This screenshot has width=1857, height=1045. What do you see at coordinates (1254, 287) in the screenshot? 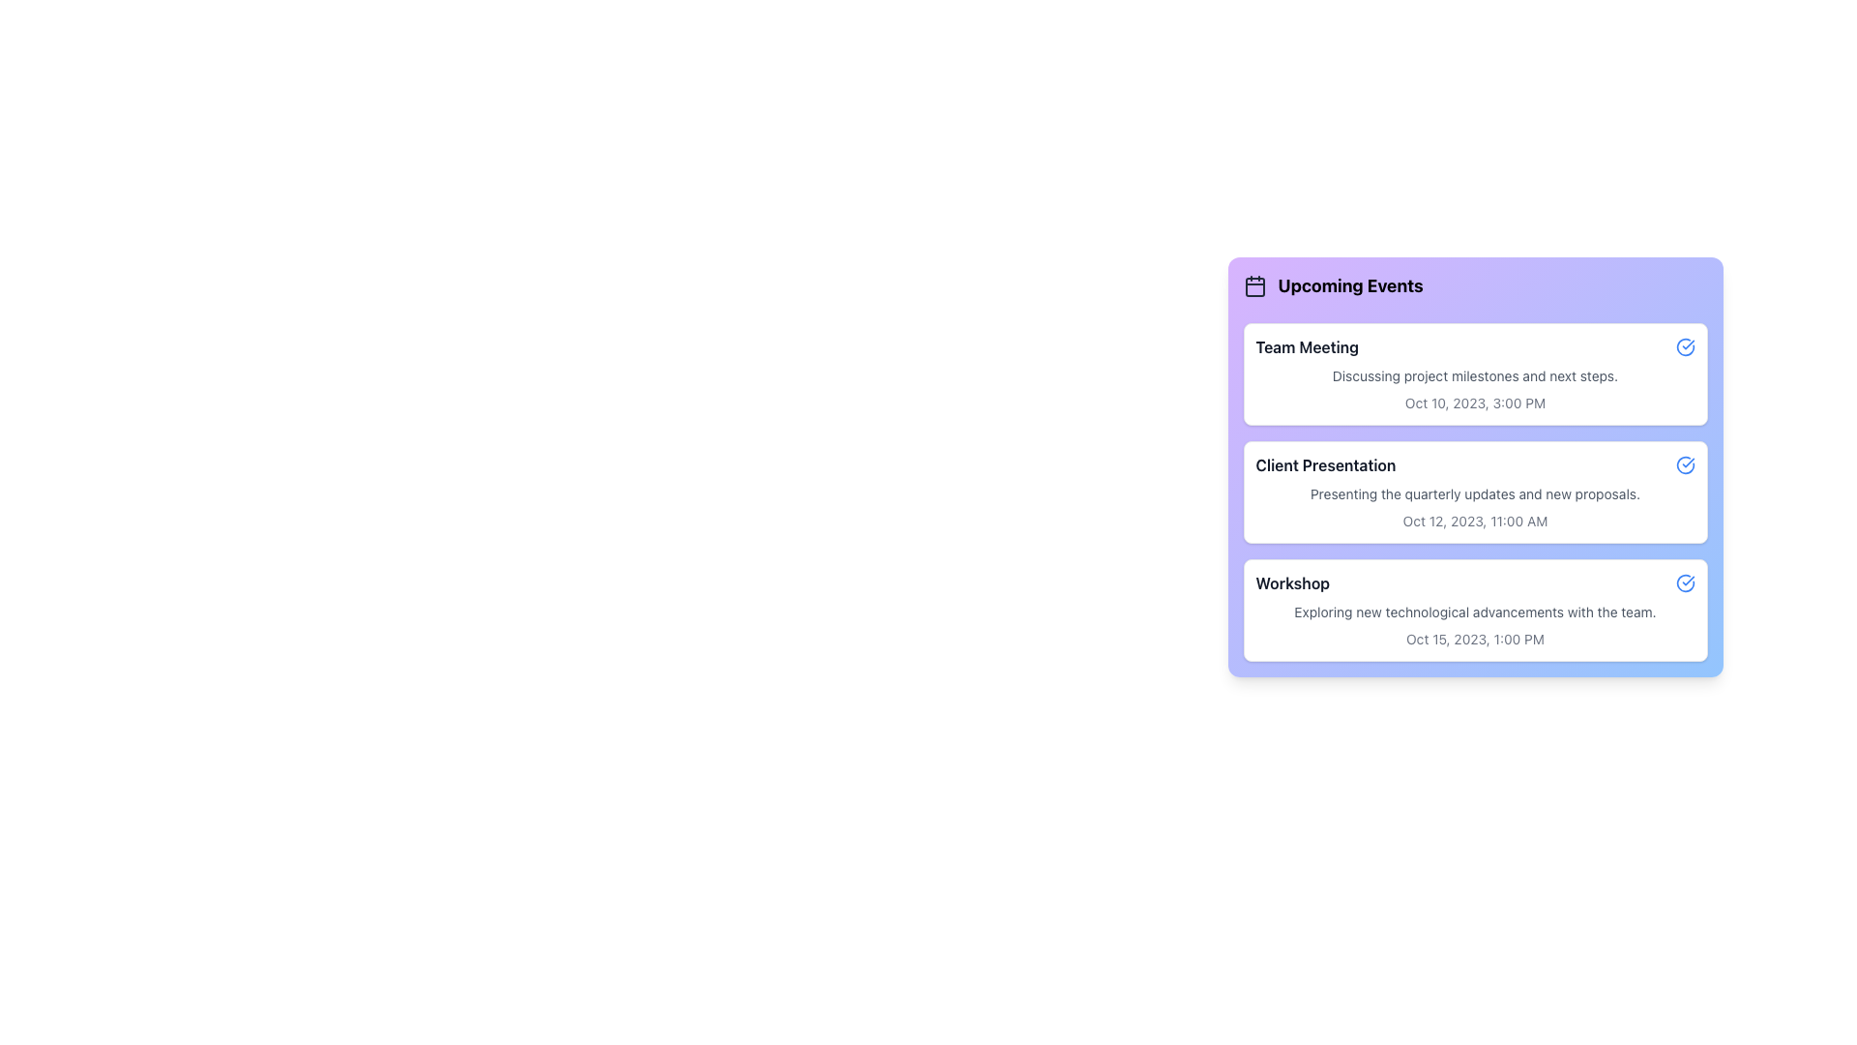
I see `the calendar icon styled element located in the top-left corner of the 'Upcoming Events' section with a purple gradient background` at bounding box center [1254, 287].